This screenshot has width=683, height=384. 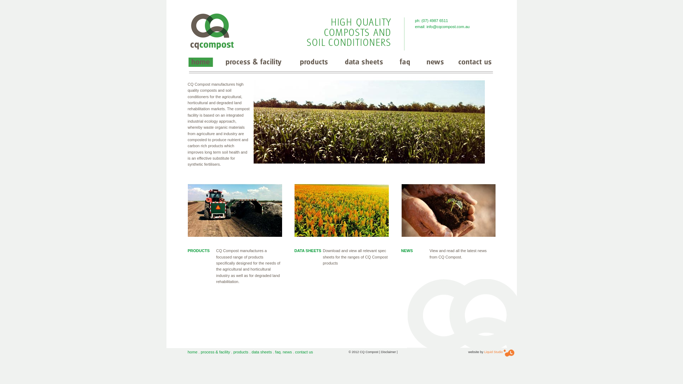 I want to click on 'DATA SHEETS', so click(x=308, y=250).